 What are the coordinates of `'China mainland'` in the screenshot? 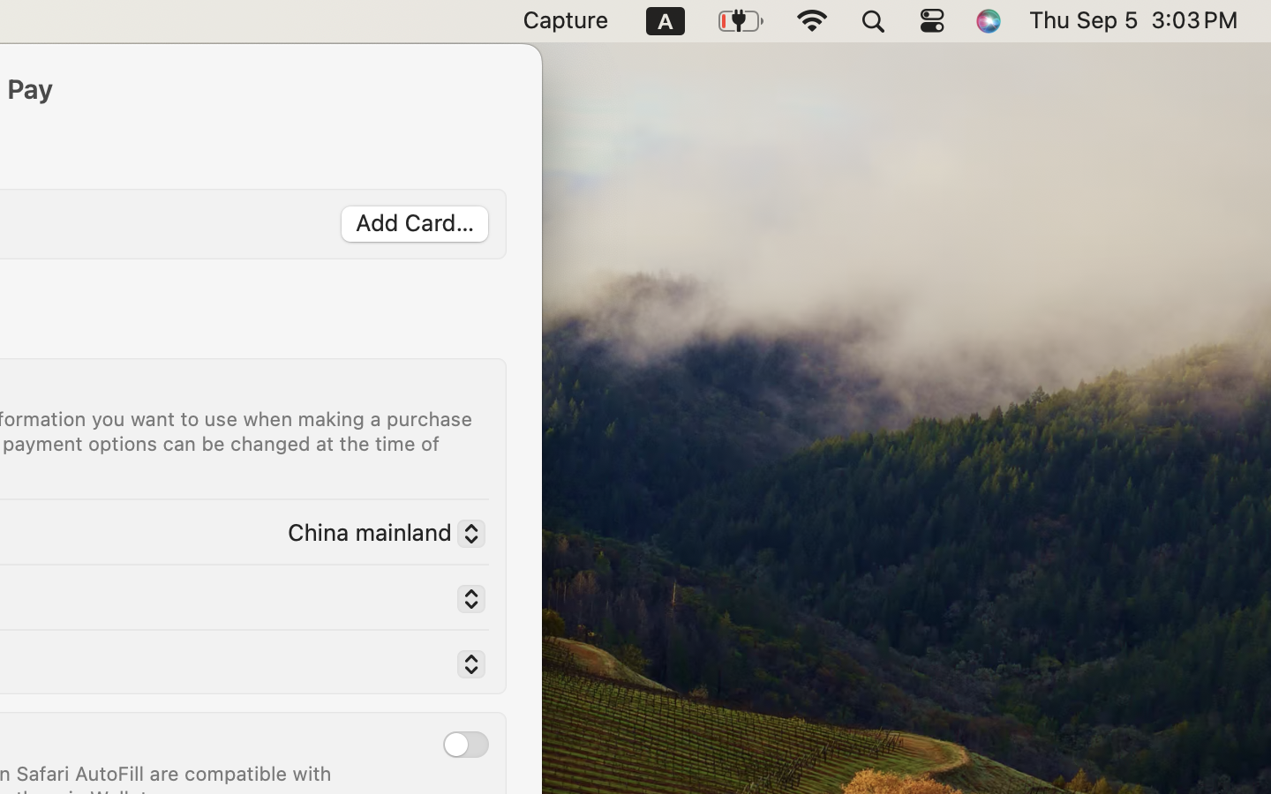 It's located at (379, 535).